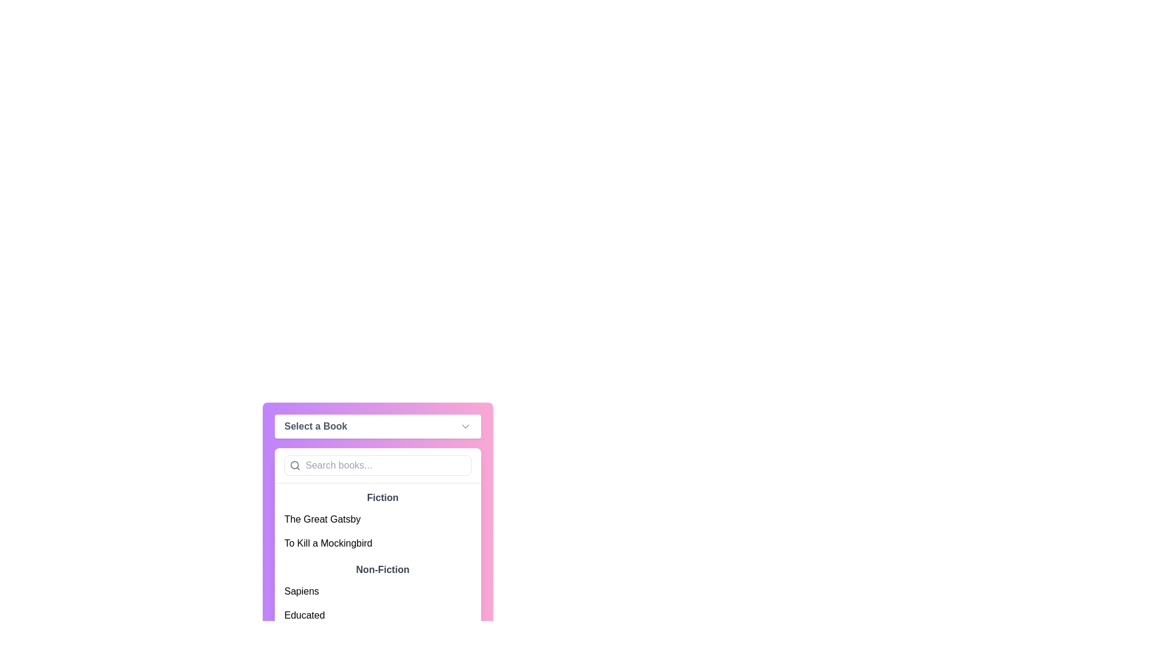 This screenshot has height=648, width=1152. What do you see at coordinates (322, 519) in the screenshot?
I see `the text item 'The Great Gatsby' in the dropdown menu under the 'Fiction' heading` at bounding box center [322, 519].